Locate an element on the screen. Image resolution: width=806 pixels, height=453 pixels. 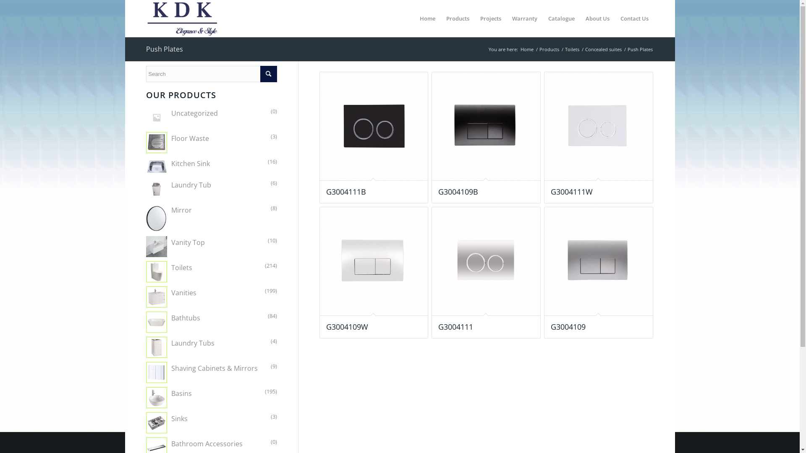
'Kitchen Sink' is located at coordinates (177, 166).